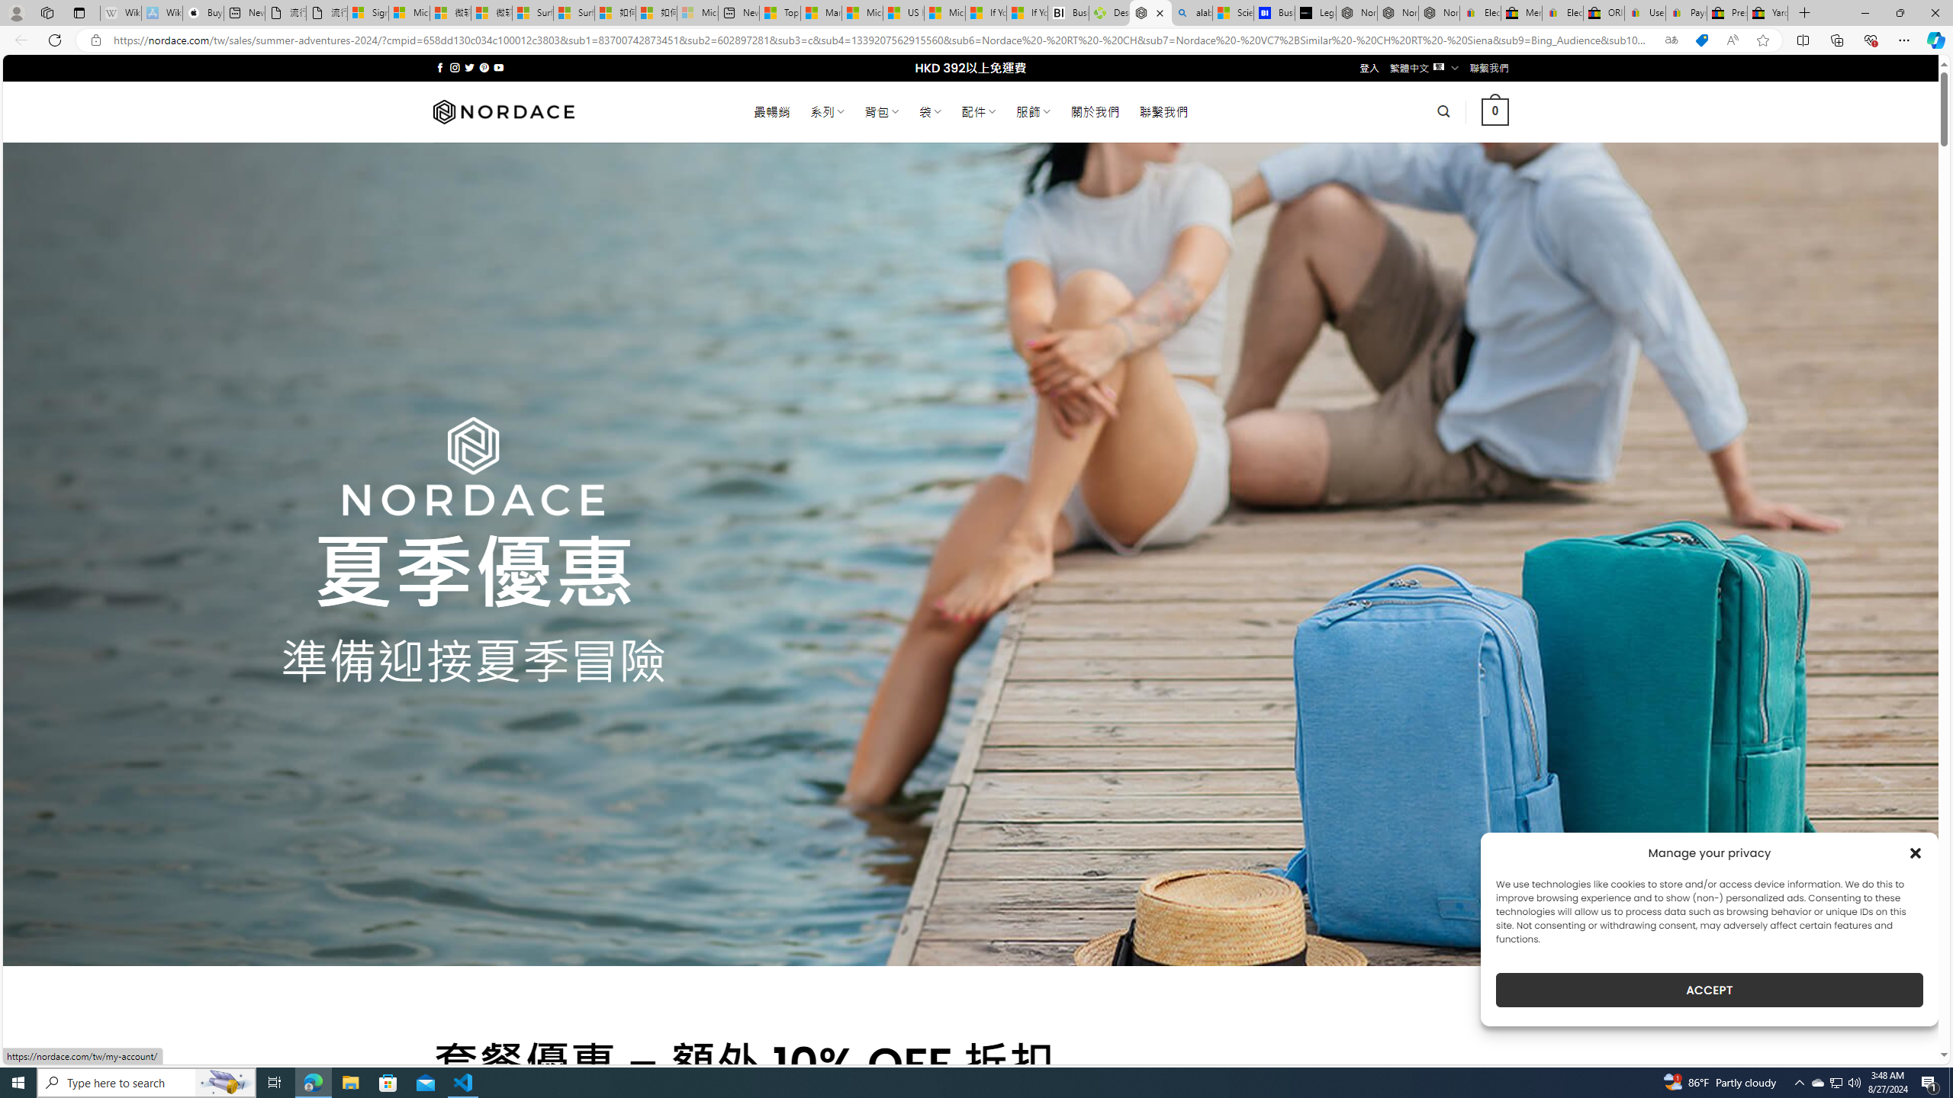 The width and height of the screenshot is (1953, 1098). Describe the element at coordinates (1109, 12) in the screenshot. I see `'Descarga Driver Updater'` at that location.